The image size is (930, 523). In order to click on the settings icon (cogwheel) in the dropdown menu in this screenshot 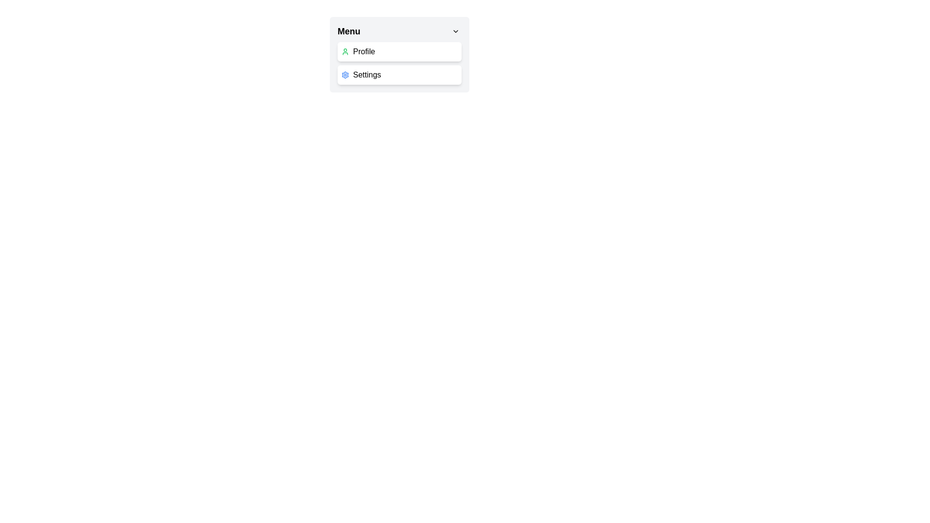, I will do `click(345, 74)`.